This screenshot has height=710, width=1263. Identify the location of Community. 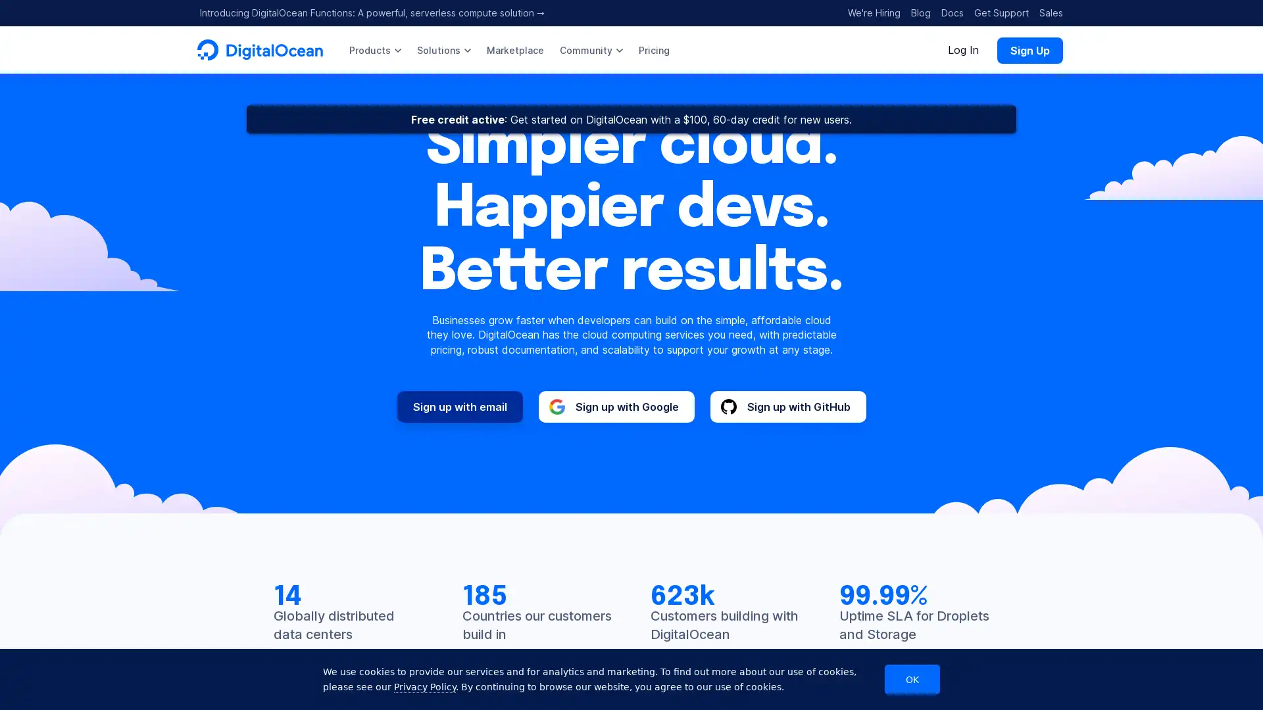
(590, 49).